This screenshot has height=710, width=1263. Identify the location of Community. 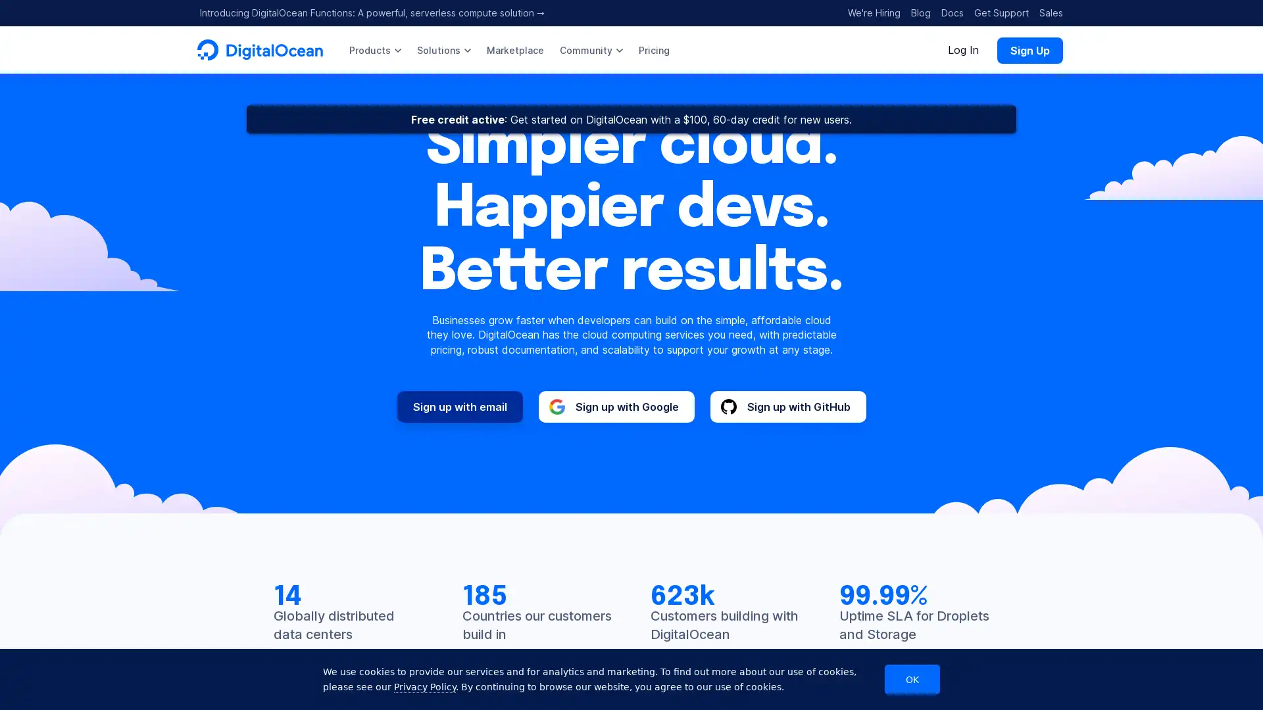
(590, 49).